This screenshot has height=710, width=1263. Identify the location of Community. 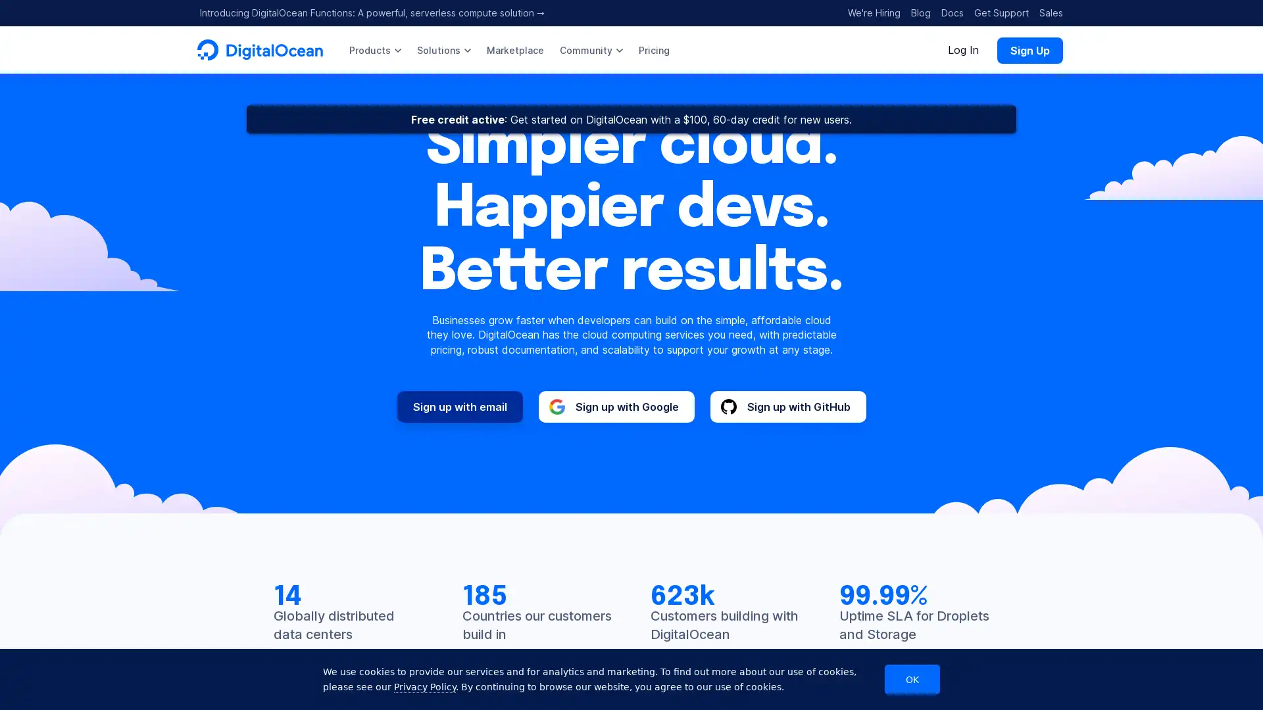
(590, 49).